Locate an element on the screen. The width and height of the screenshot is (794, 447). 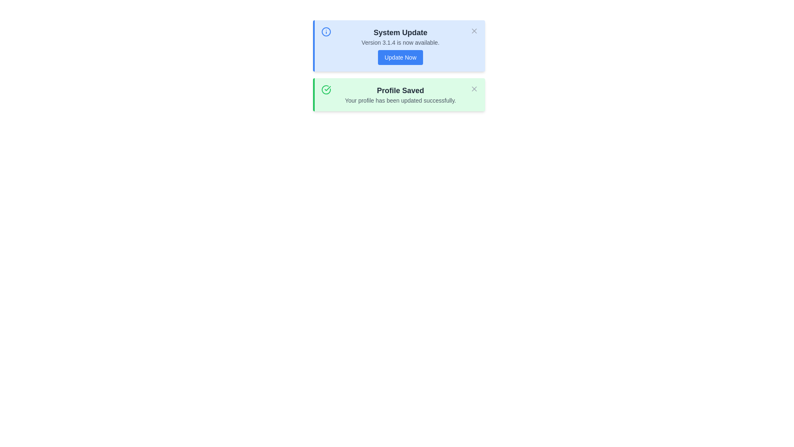
the 'Close' button icon located in the notification area below the 'Profile Saved' text is located at coordinates (474, 89).